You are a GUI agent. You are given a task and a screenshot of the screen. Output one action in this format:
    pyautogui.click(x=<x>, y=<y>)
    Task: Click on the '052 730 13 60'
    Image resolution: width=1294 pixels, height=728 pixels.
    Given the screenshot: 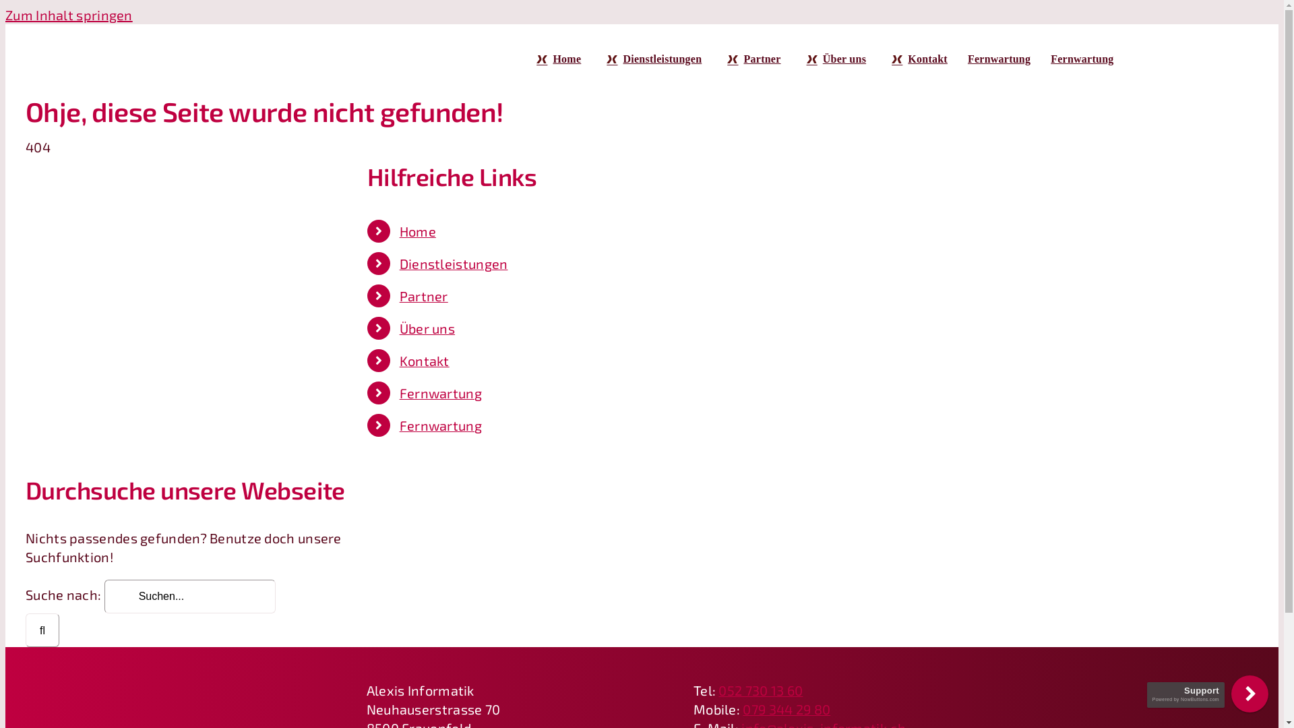 What is the action you would take?
    pyautogui.click(x=760, y=690)
    